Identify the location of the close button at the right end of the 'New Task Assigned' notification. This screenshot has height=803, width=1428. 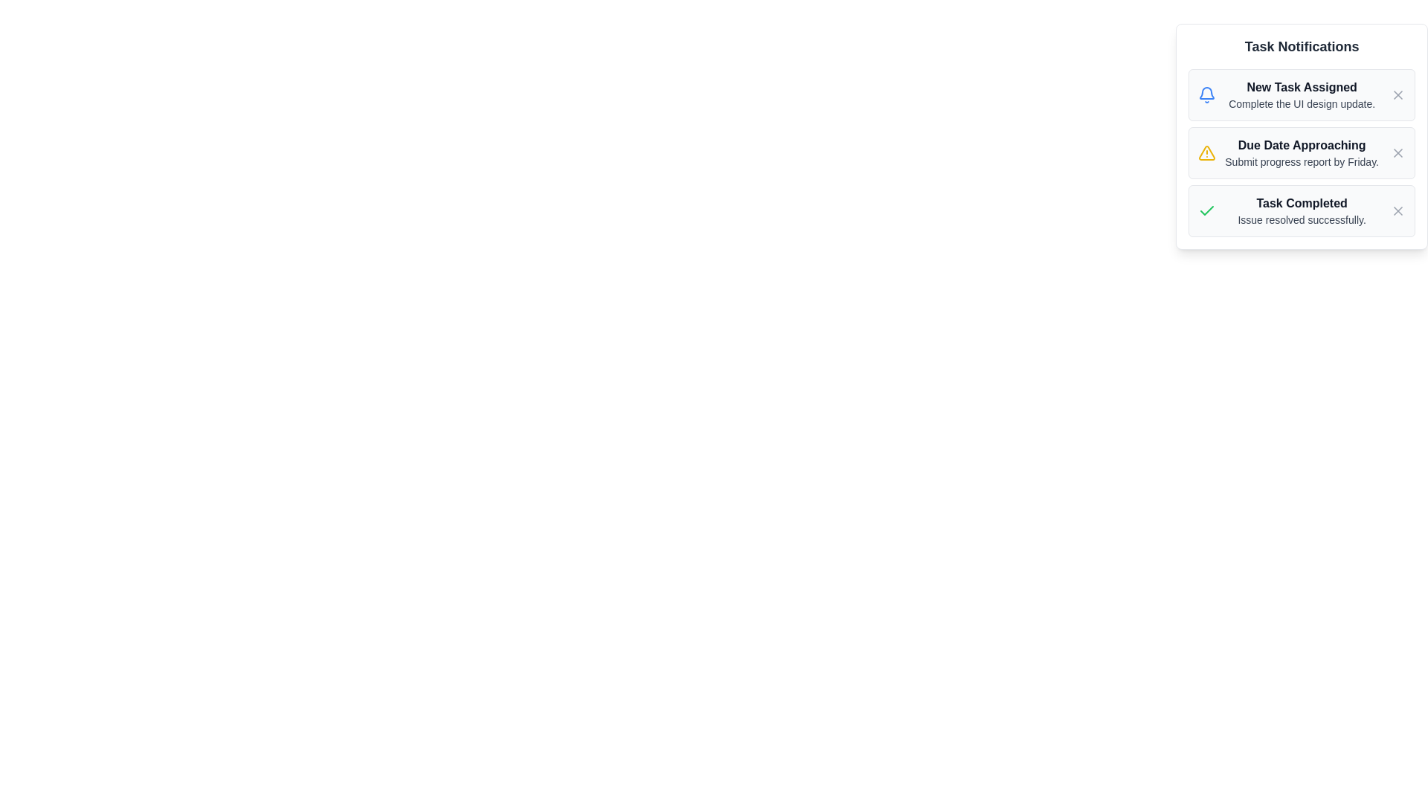
(1398, 94).